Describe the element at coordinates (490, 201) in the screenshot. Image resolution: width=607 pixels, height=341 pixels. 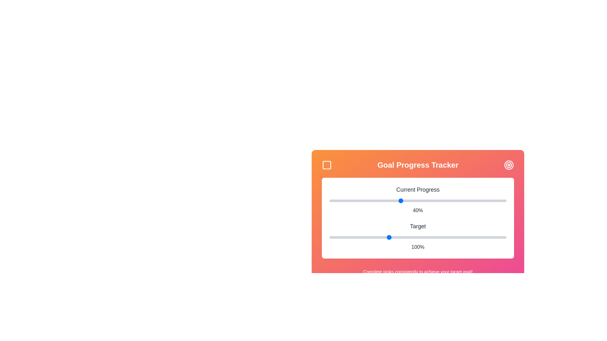
I see `the 'Current Progress' slider to 91%` at that location.